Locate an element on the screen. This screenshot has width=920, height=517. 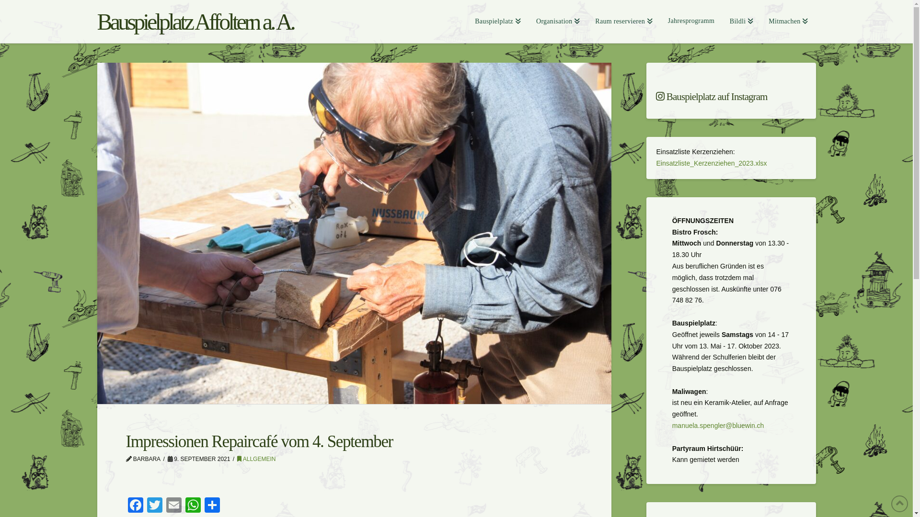
'Mitmachen' is located at coordinates (788, 22).